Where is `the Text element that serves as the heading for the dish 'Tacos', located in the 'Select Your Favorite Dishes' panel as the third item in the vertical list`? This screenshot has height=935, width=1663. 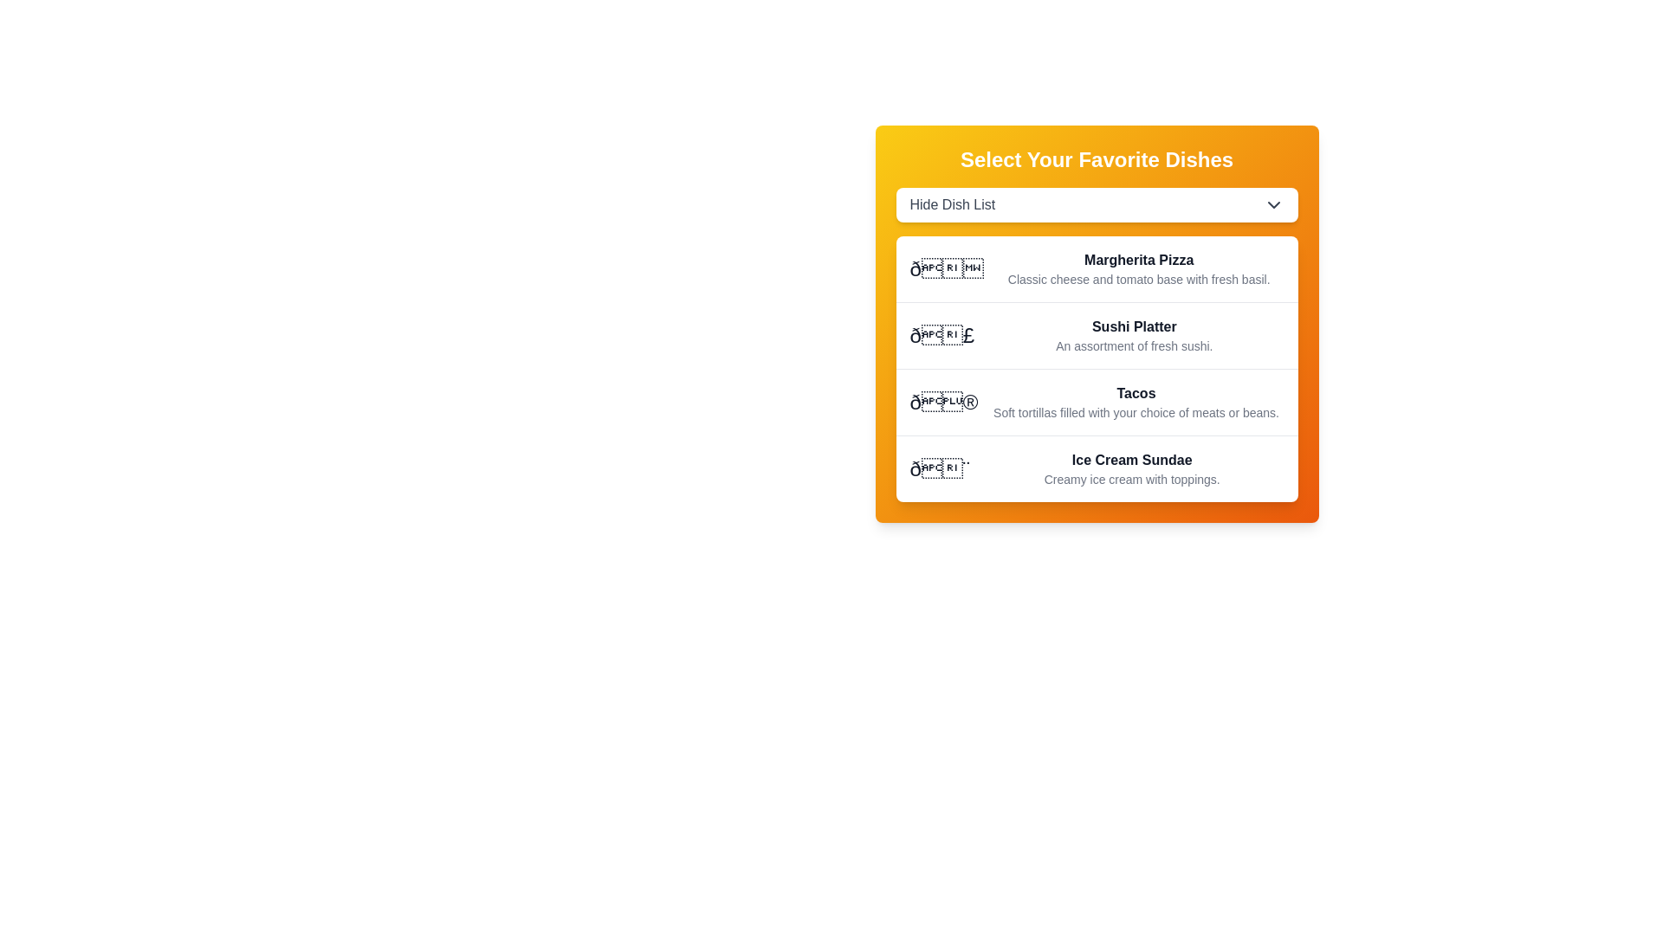
the Text element that serves as the heading for the dish 'Tacos', located in the 'Select Your Favorite Dishes' panel as the third item in the vertical list is located at coordinates (1136, 394).